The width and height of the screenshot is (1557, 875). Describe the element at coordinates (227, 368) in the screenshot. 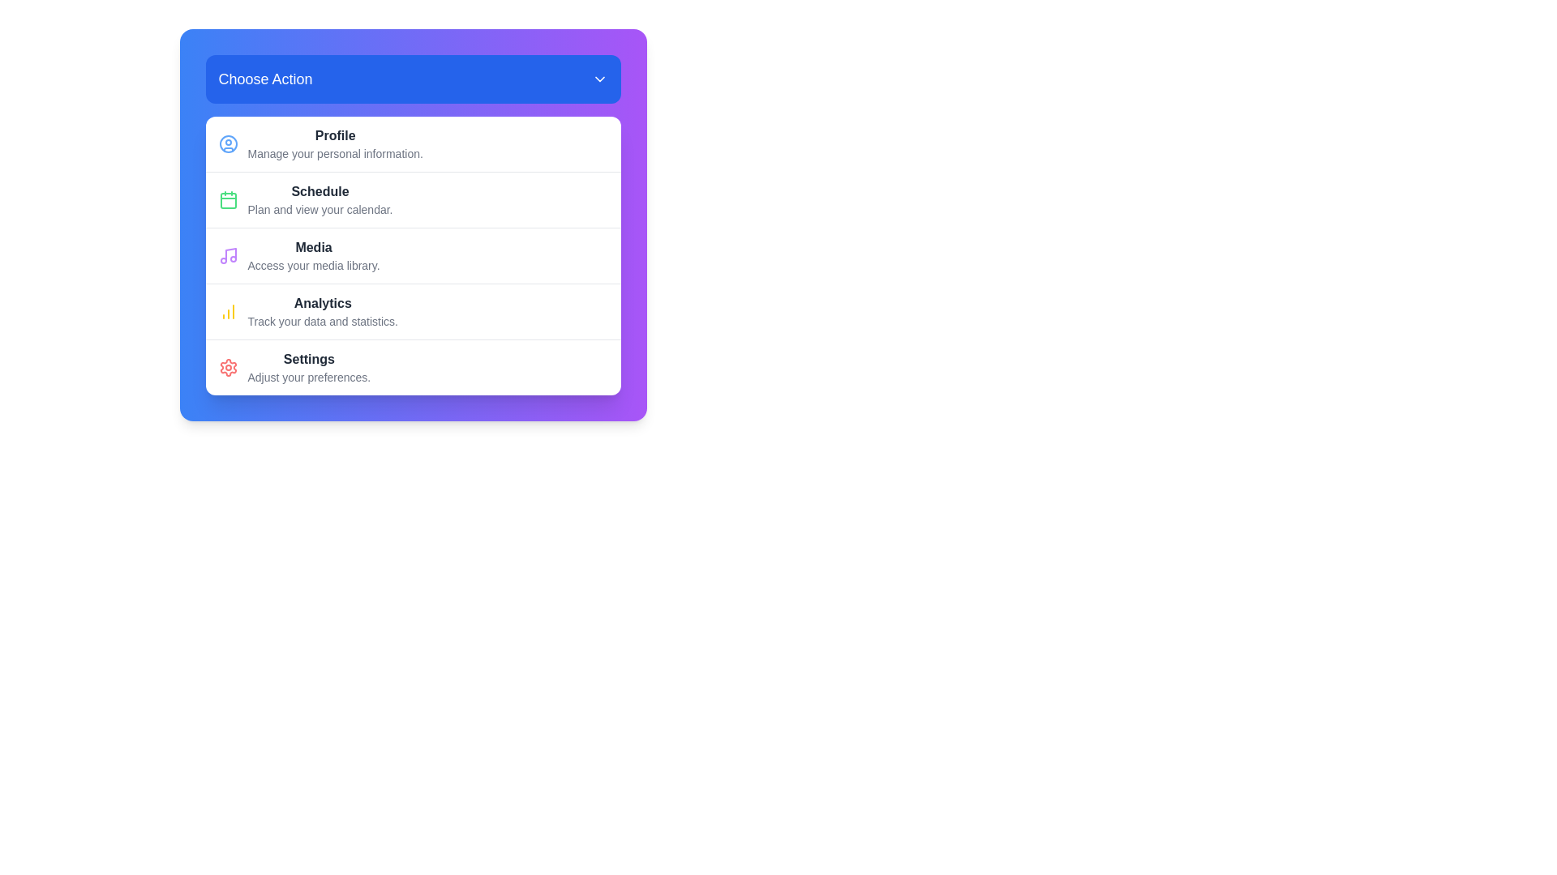

I see `the 'Settings' menu icon located at the bottommost item of the menu, to the left of the 'Settings' text` at that location.